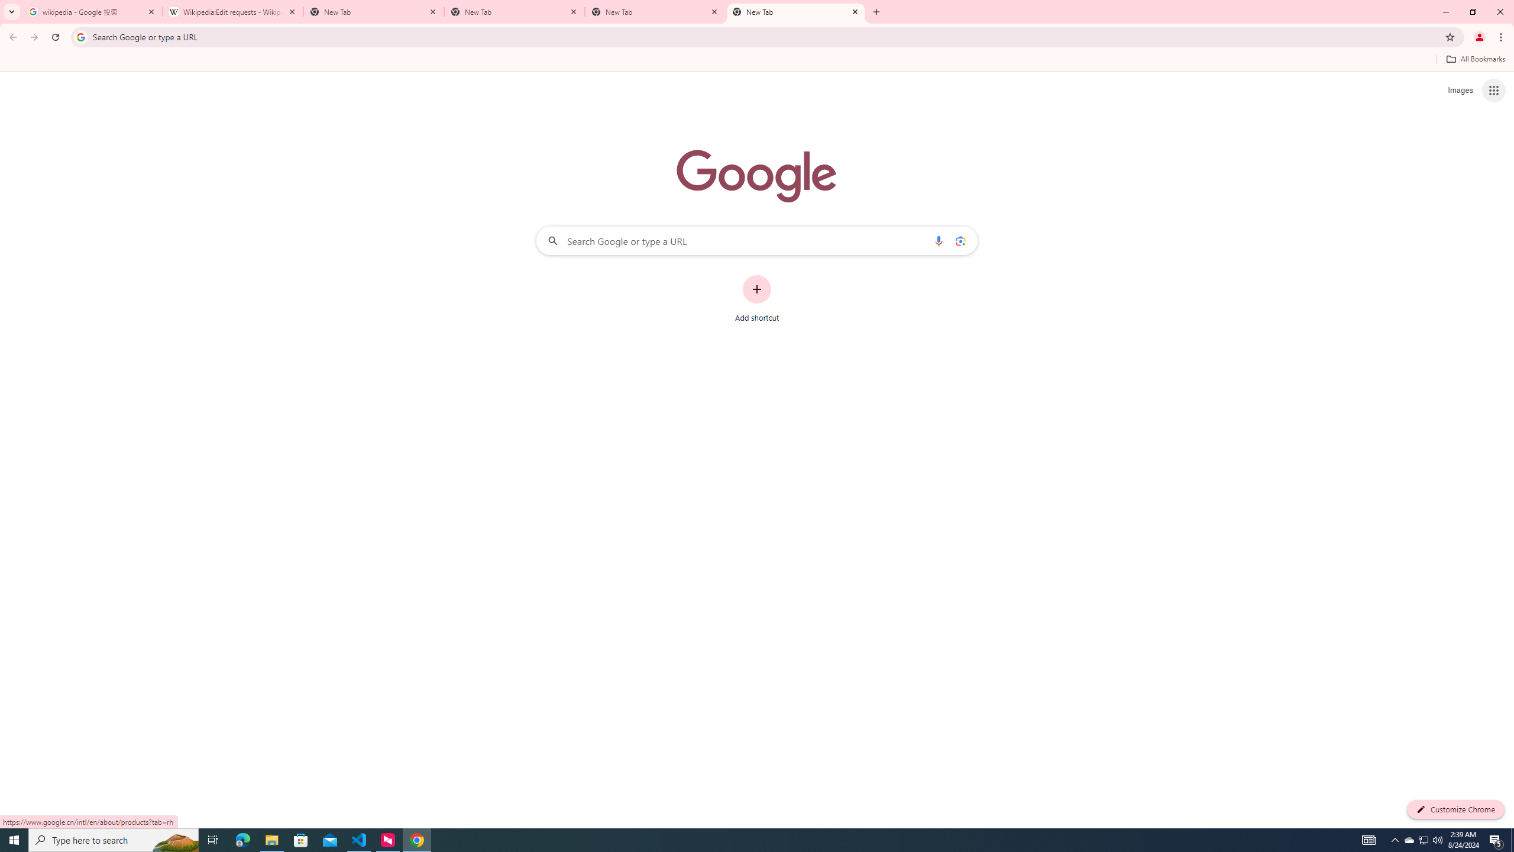 This screenshot has width=1514, height=852. I want to click on 'New Tab', so click(655, 11).